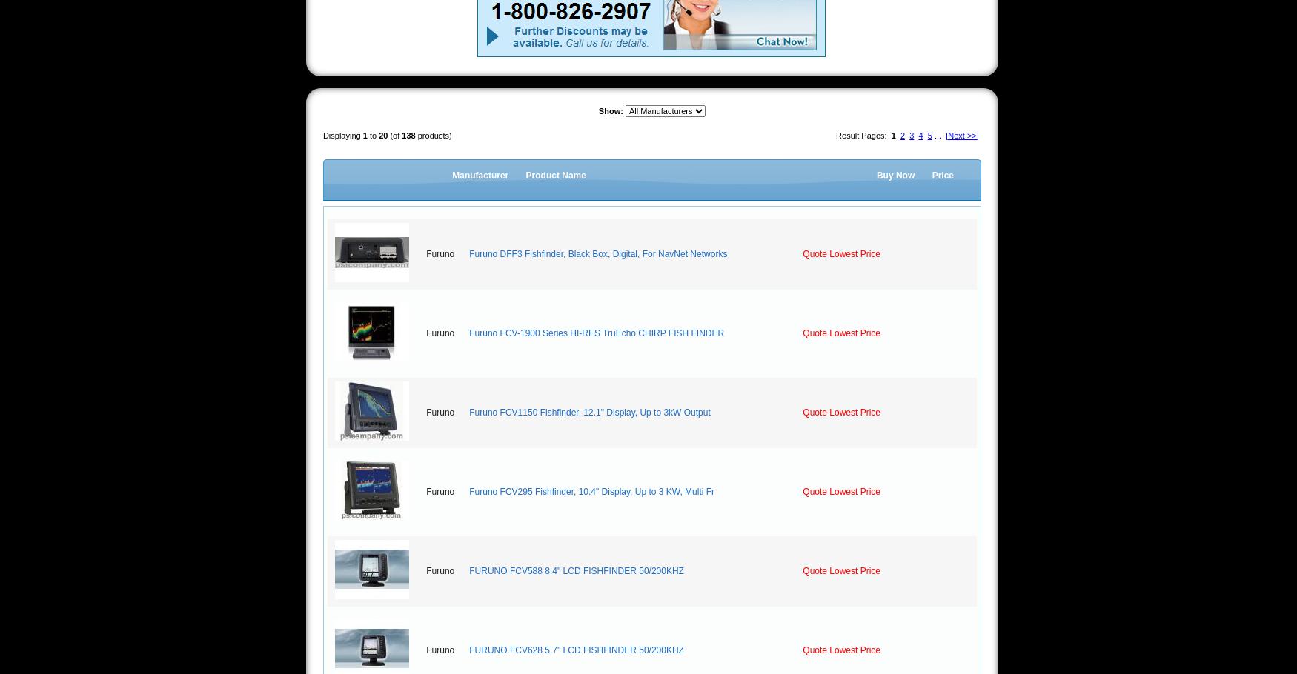 The width and height of the screenshot is (1297, 674). Describe the element at coordinates (387, 135) in the screenshot. I see `'(of'` at that location.